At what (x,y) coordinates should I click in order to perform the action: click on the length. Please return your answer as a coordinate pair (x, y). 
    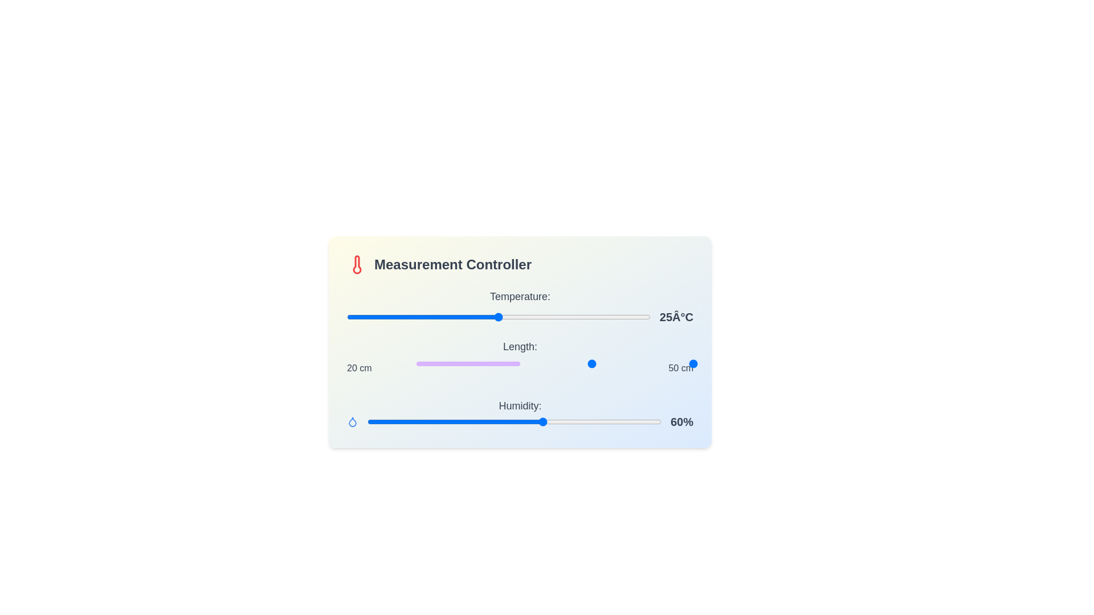
    Looking at the image, I should click on (664, 364).